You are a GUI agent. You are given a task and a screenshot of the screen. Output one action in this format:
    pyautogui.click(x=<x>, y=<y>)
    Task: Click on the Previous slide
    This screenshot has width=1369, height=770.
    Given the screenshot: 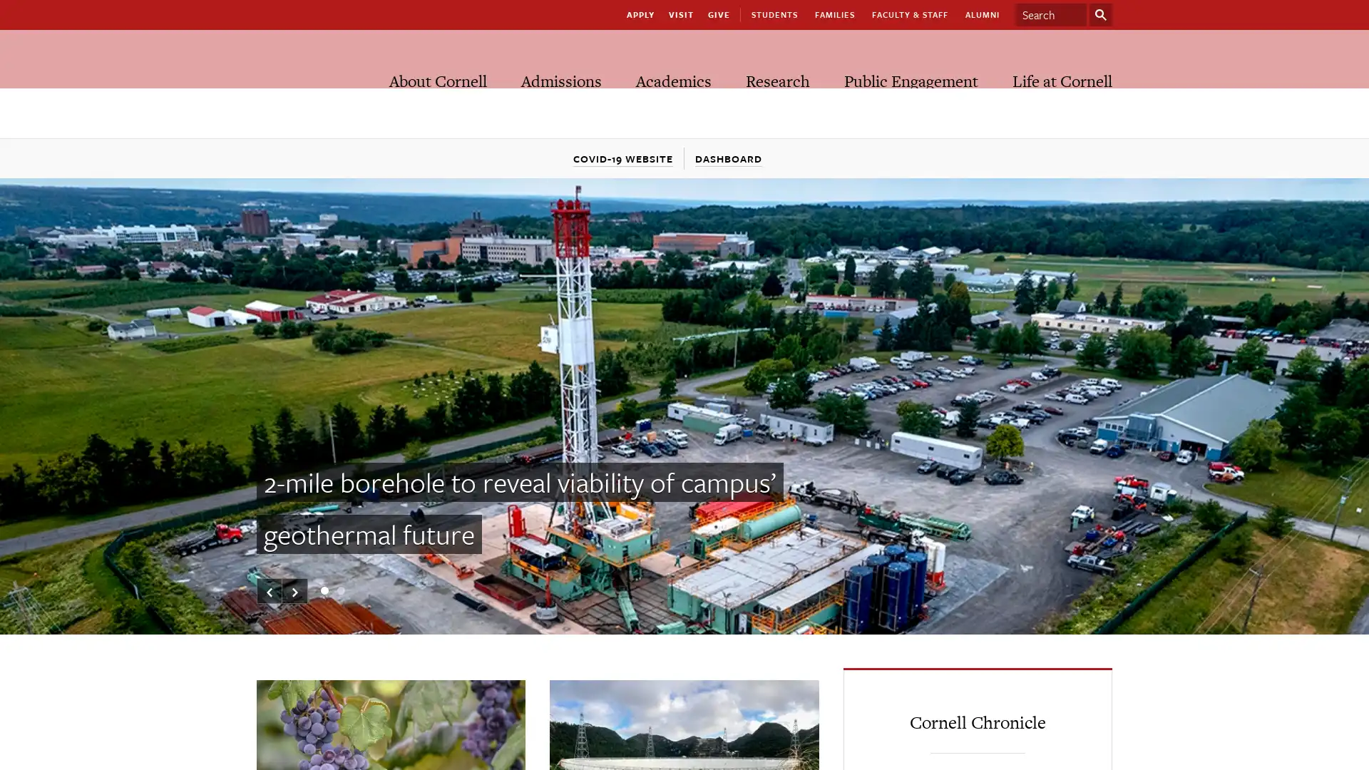 What is the action you would take?
    pyautogui.click(x=270, y=591)
    